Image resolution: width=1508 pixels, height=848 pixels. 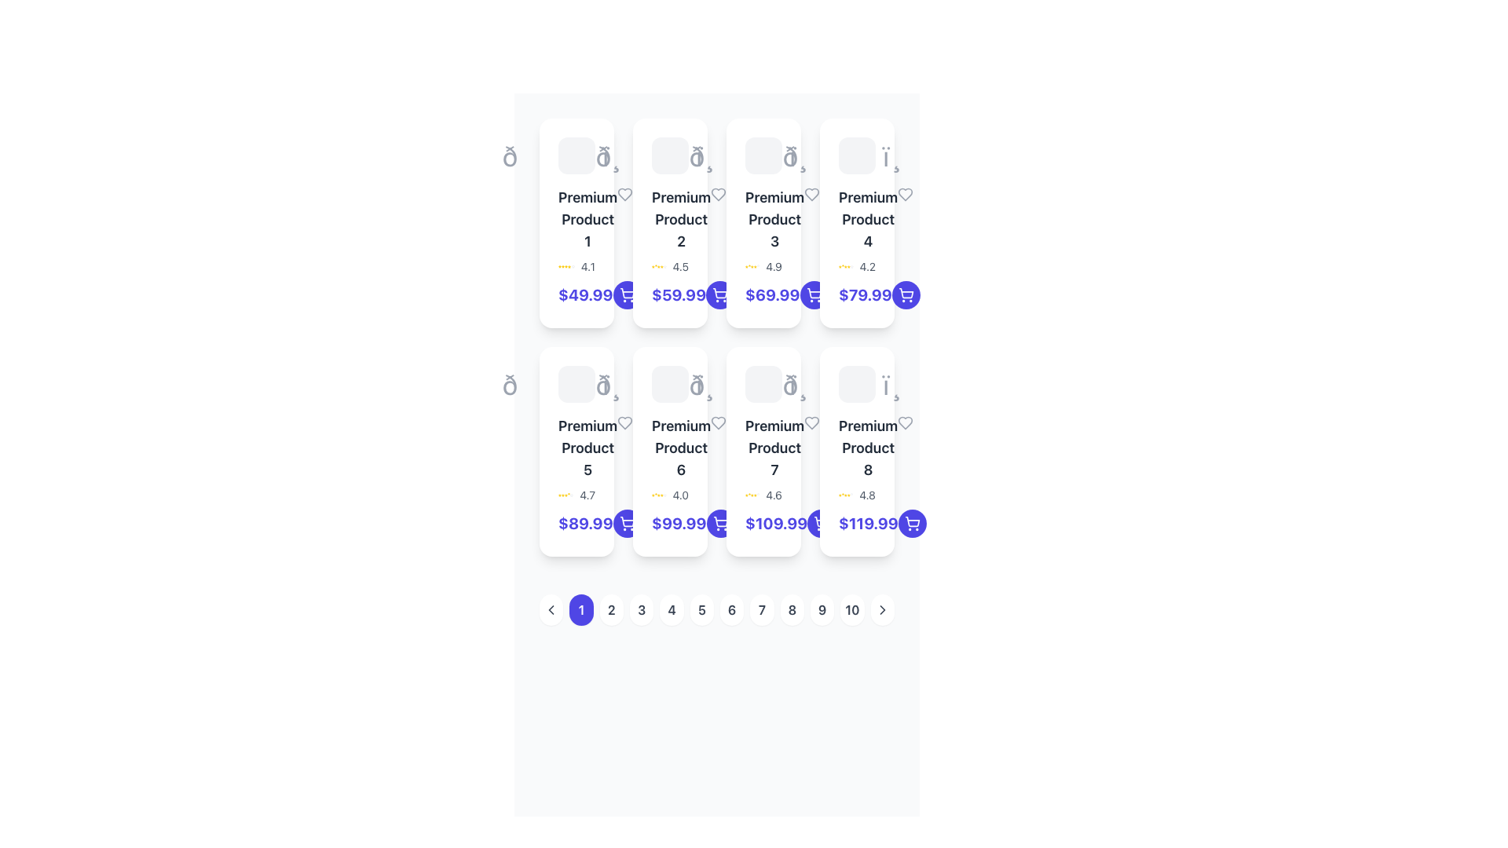 What do you see at coordinates (763, 448) in the screenshot?
I see `the text label that provides the title of Premium Product 7, which is located in the second row and third column of the grid layout` at bounding box center [763, 448].